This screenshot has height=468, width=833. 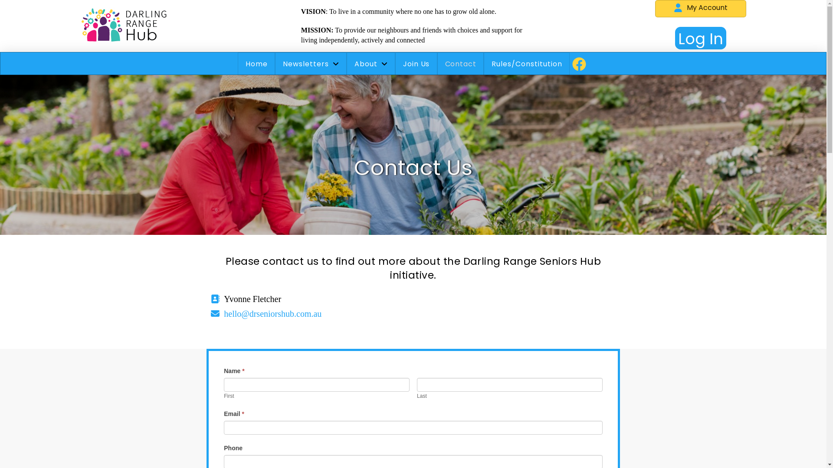 What do you see at coordinates (371, 63) in the screenshot?
I see `'About'` at bounding box center [371, 63].